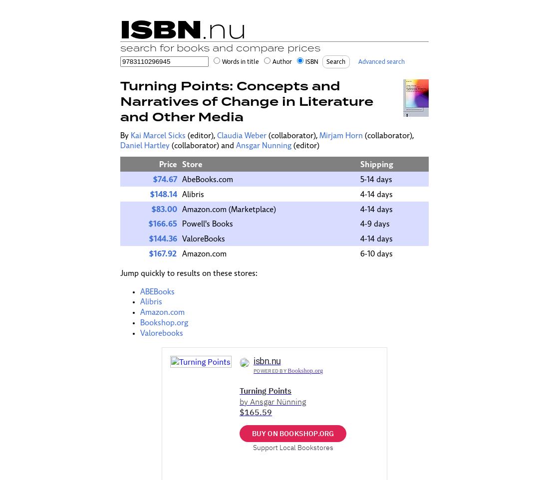 This screenshot has width=549, height=480. Describe the element at coordinates (164, 209) in the screenshot. I see `'$83.00'` at that location.